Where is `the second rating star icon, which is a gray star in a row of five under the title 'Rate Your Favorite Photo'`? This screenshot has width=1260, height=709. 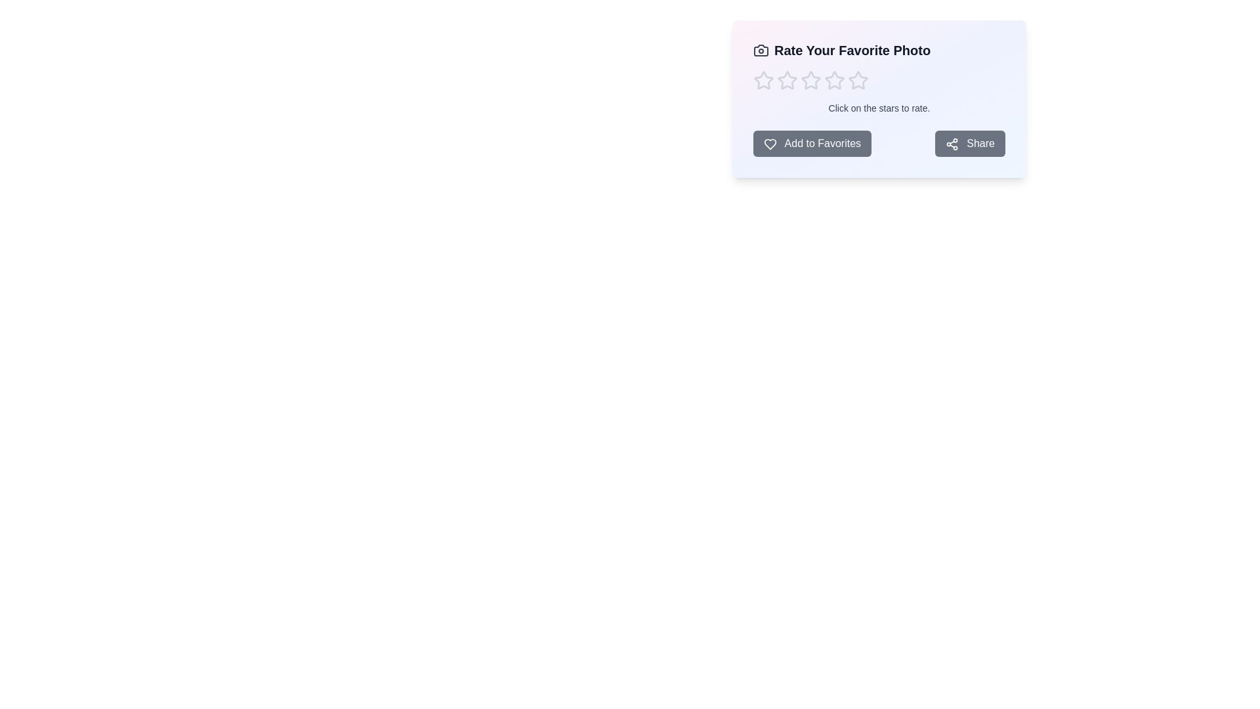 the second rating star icon, which is a gray star in a row of five under the title 'Rate Your Favorite Photo' is located at coordinates (834, 80).